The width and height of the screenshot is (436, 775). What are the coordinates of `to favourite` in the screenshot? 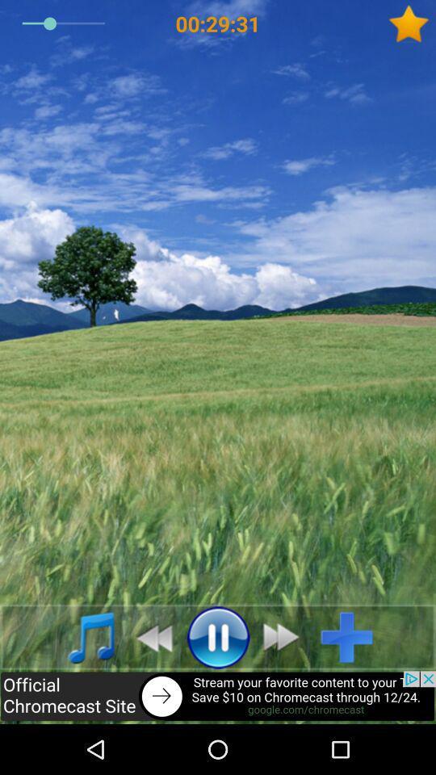 It's located at (412, 23).